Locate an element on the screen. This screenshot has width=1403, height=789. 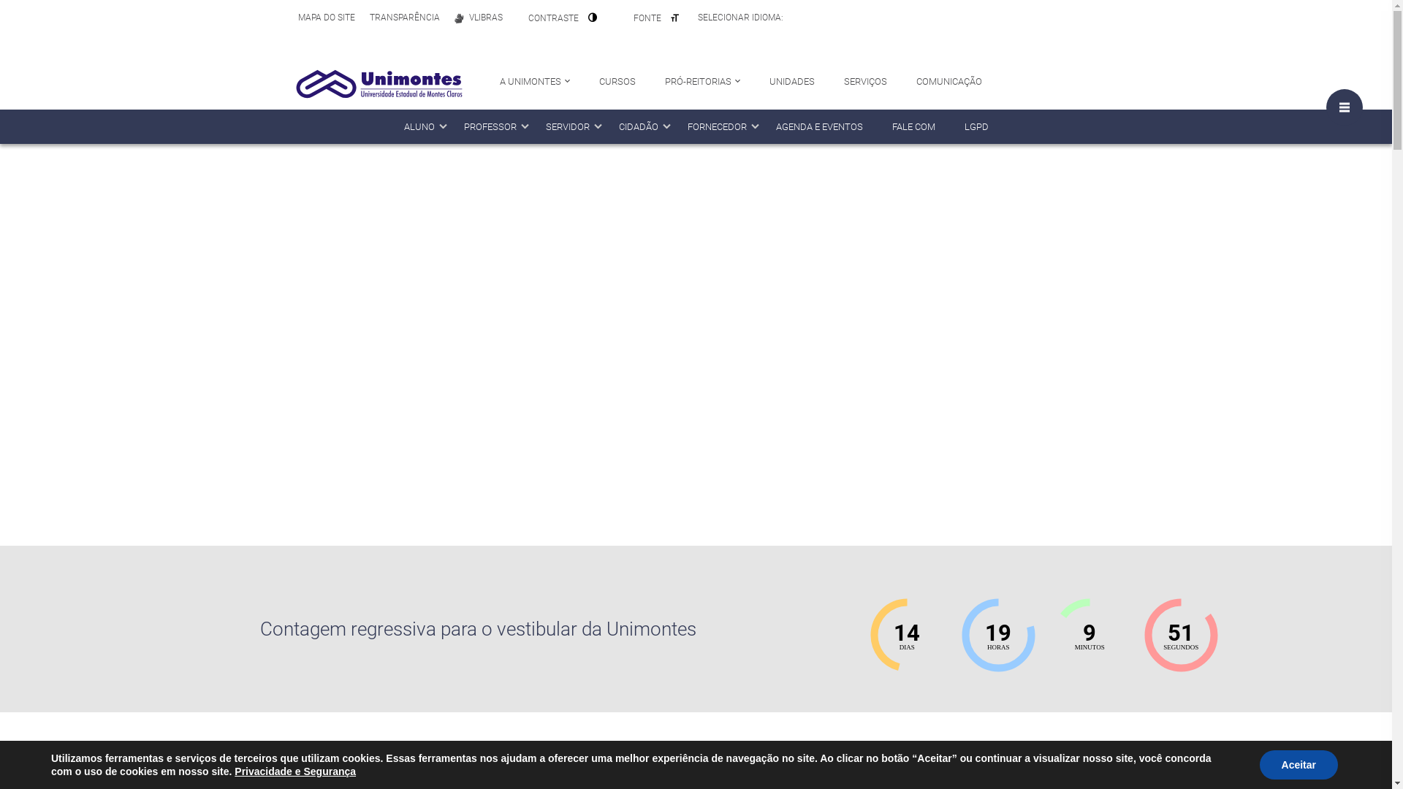
'Portuguese' is located at coordinates (796, 17).